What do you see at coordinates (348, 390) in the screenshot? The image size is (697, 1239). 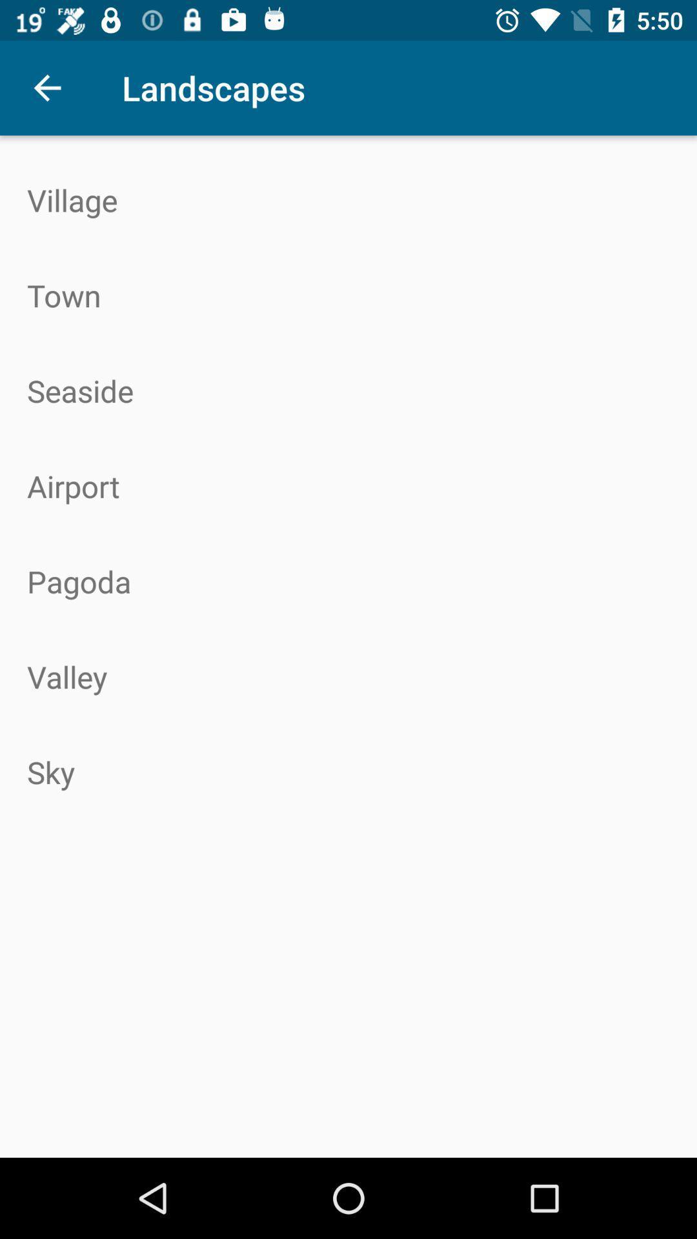 I see `item below town` at bounding box center [348, 390].